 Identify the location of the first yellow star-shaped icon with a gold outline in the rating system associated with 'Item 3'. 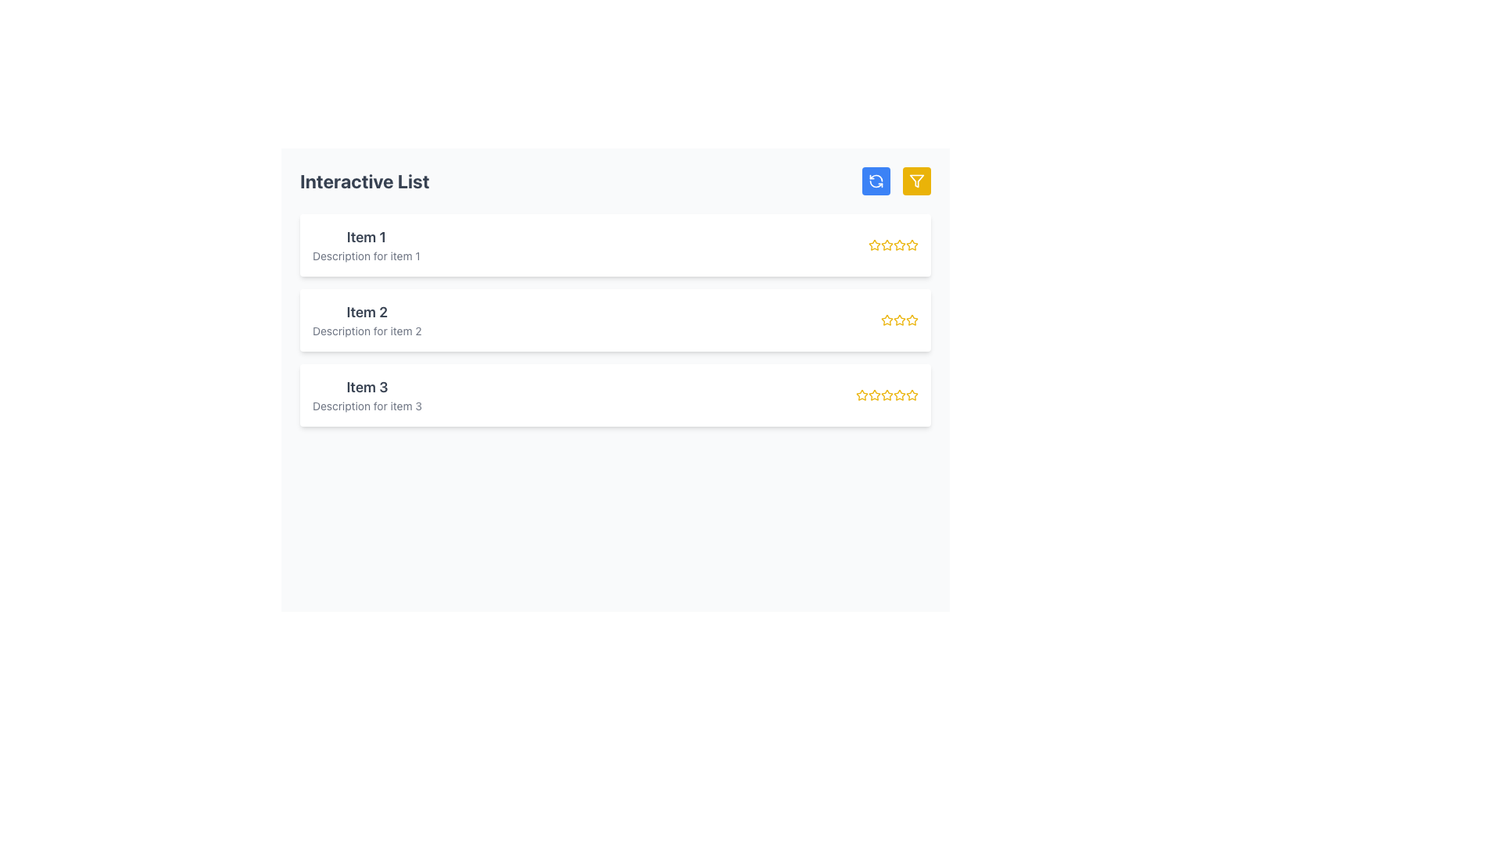
(912, 394).